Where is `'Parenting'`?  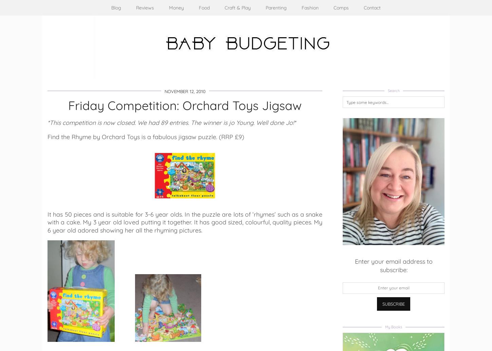 'Parenting' is located at coordinates (276, 7).